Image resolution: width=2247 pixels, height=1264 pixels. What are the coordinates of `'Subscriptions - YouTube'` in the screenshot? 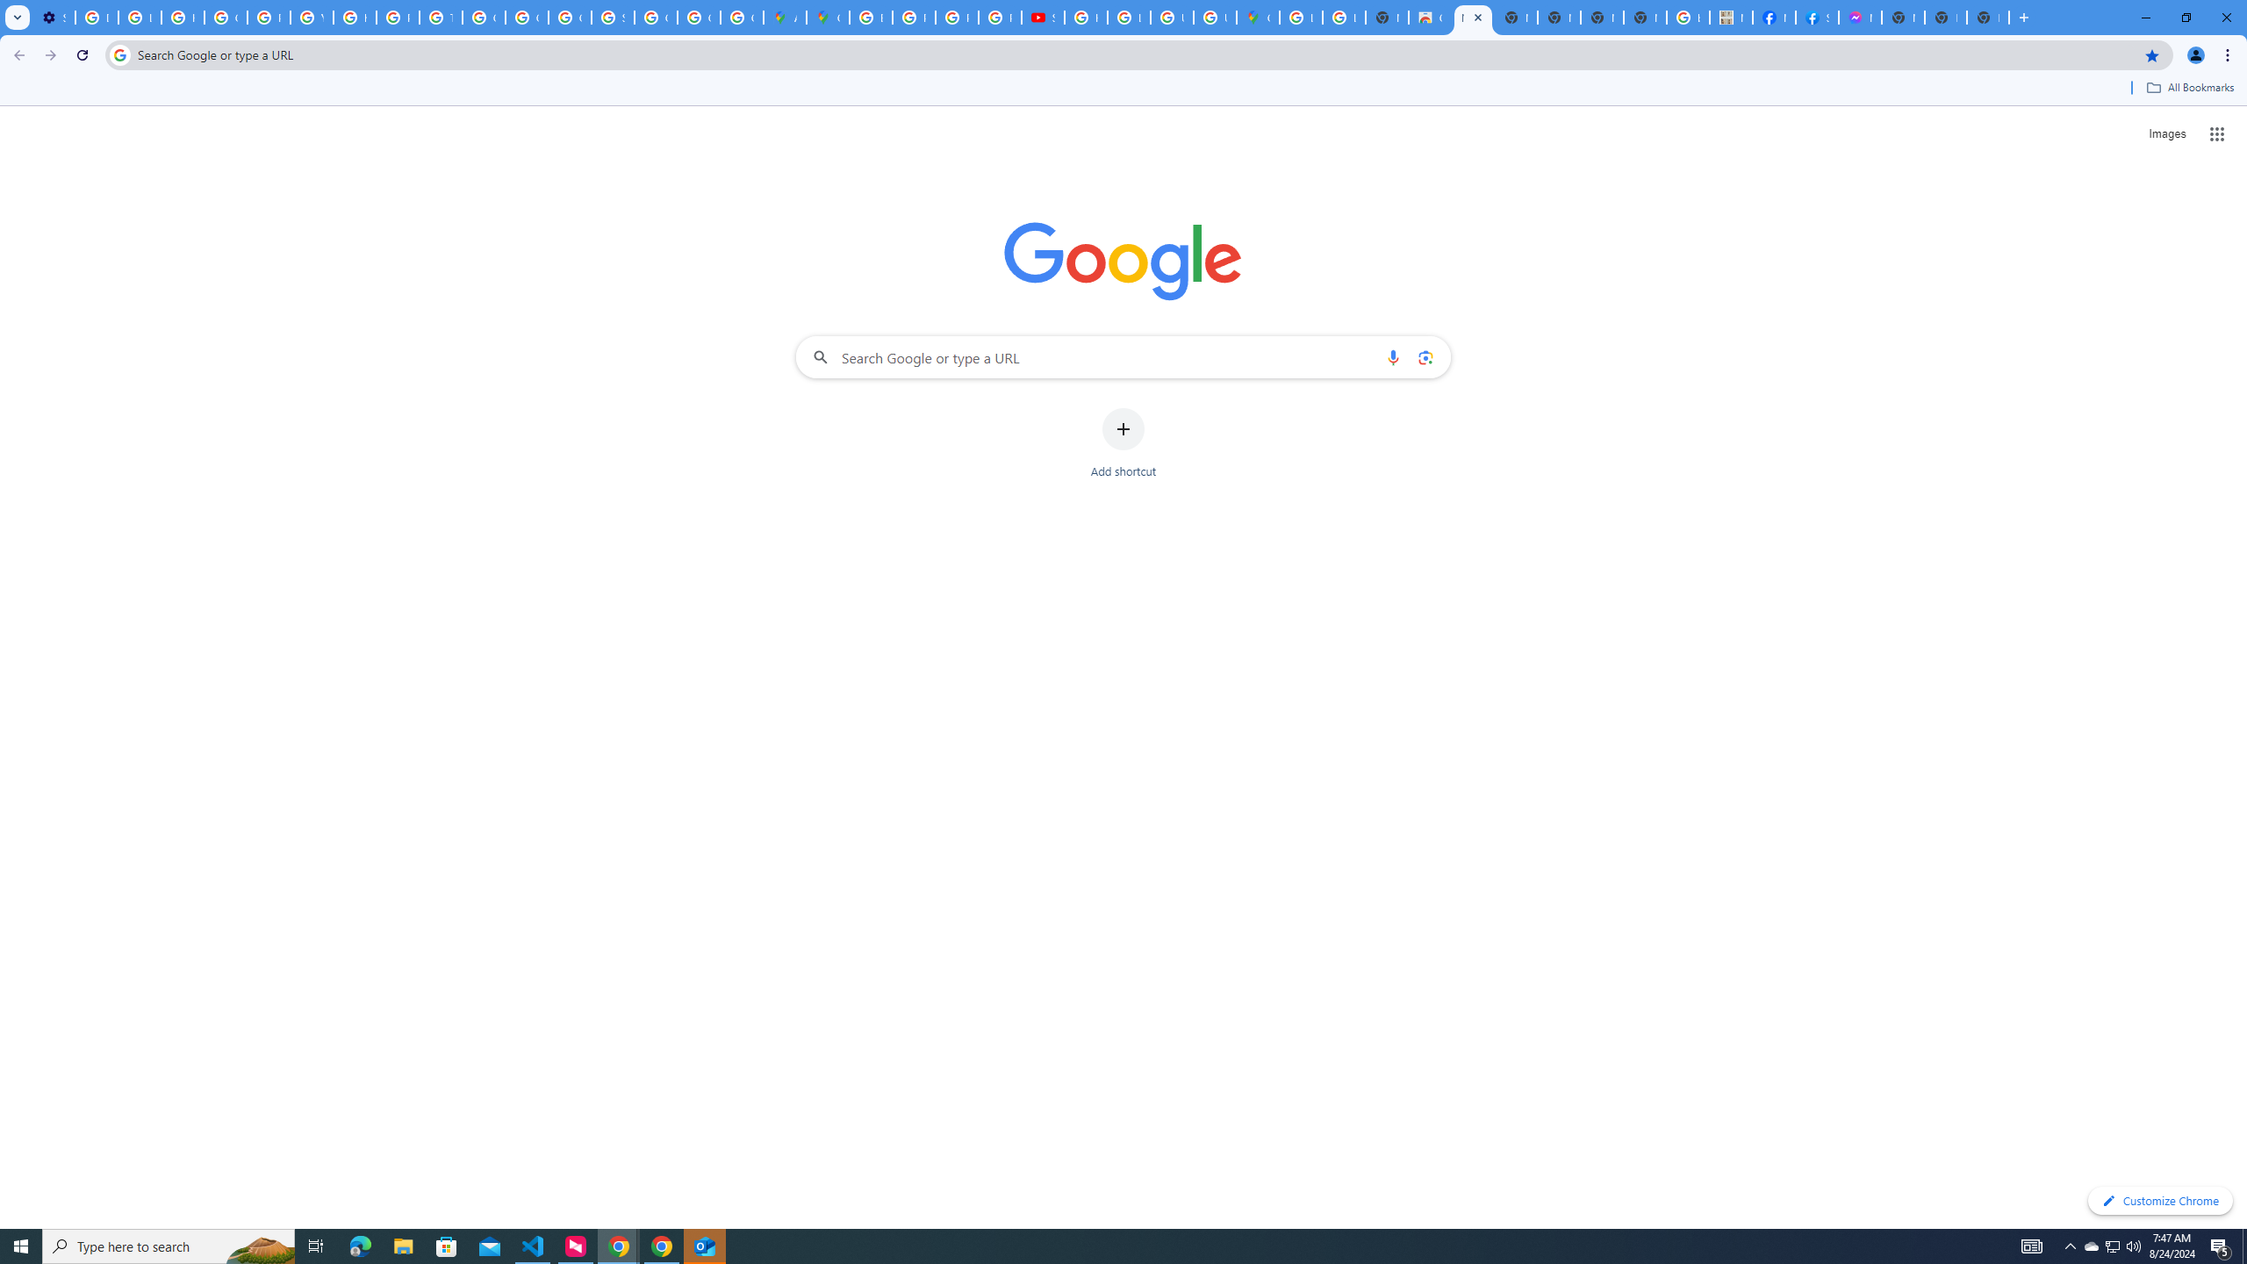 It's located at (1041, 17).